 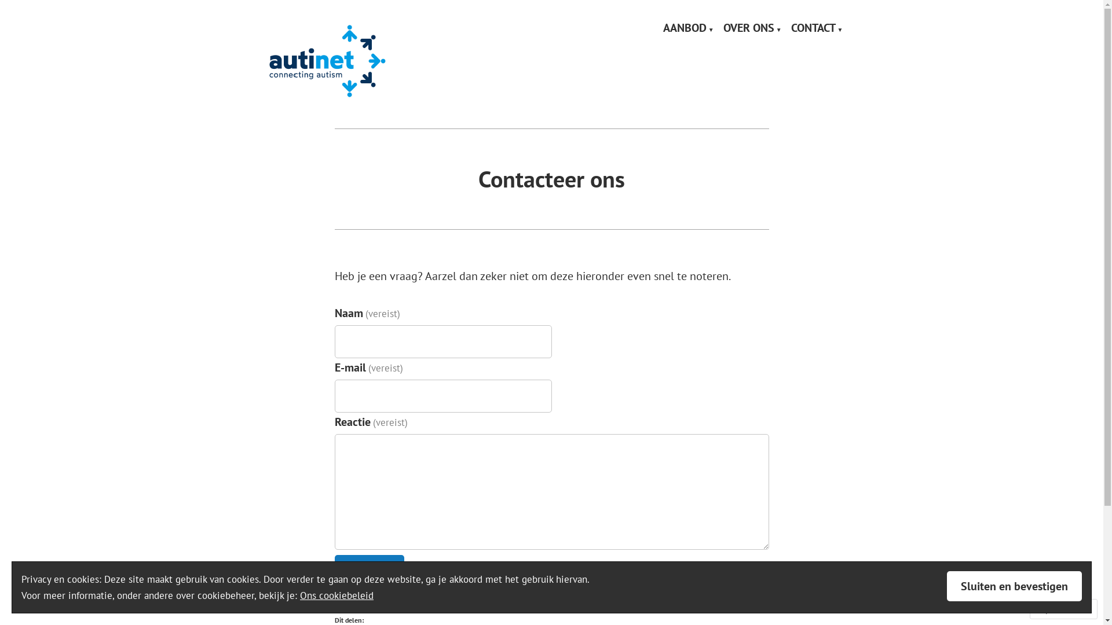 I want to click on 'AANBOD', so click(x=663, y=28).